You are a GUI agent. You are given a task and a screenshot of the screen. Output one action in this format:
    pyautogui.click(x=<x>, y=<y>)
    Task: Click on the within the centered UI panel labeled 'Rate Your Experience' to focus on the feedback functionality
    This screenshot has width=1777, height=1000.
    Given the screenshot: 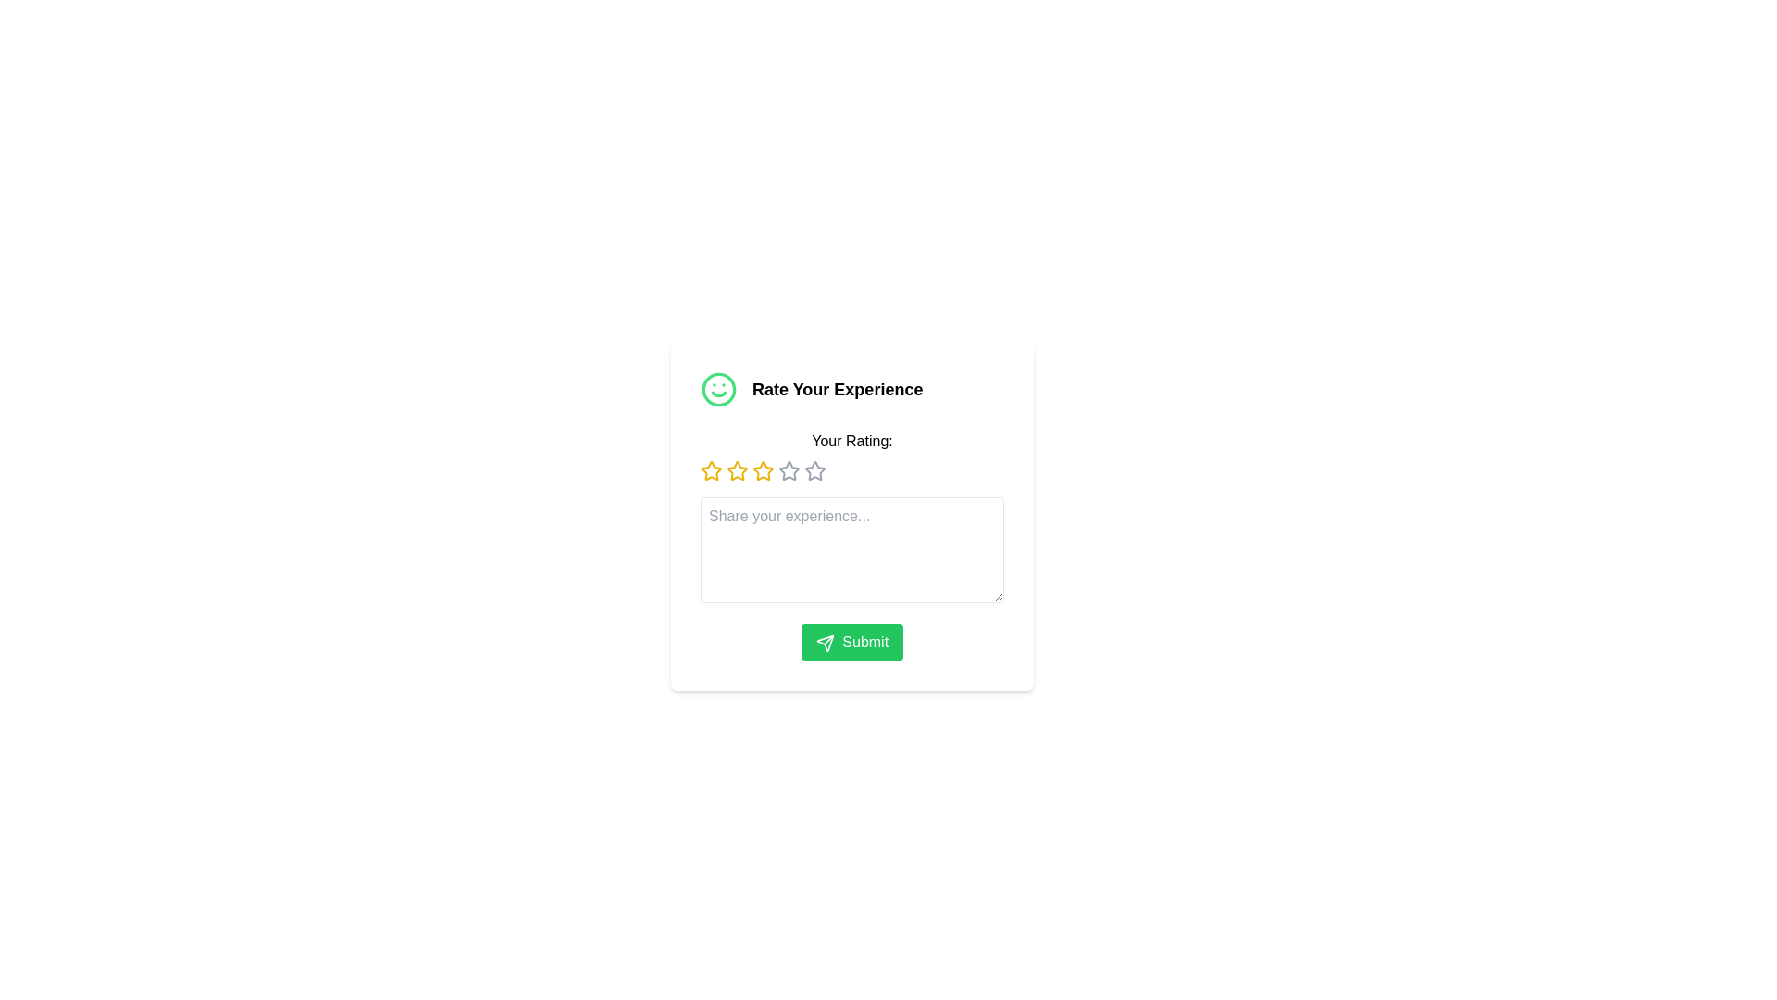 What is the action you would take?
    pyautogui.click(x=851, y=516)
    